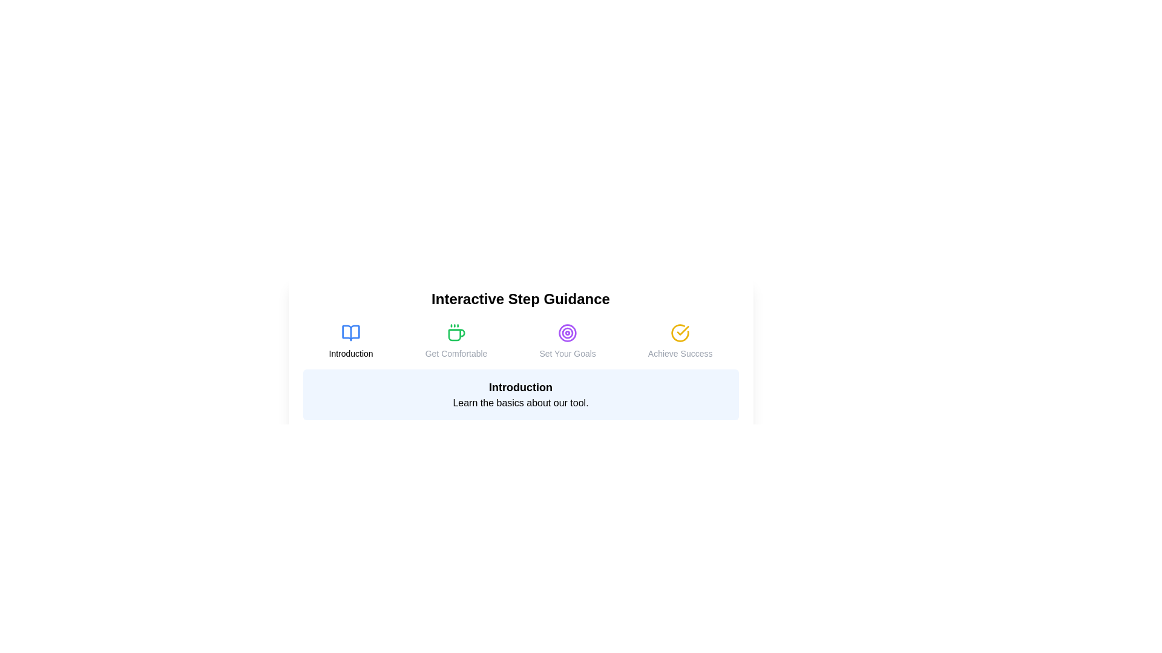  What do you see at coordinates (680, 354) in the screenshot?
I see `the 'Achieve Success' text display, which is styled in grey and located beneath the yellow circular checkmark in the 'Interactive Step Guidance' section` at bounding box center [680, 354].